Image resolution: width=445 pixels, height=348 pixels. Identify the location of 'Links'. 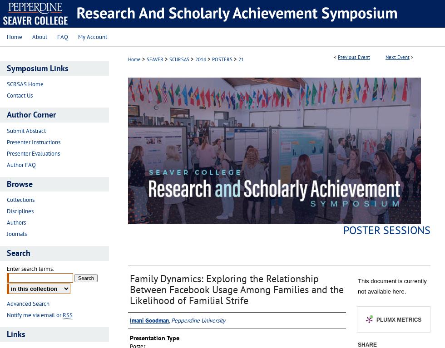
(6, 334).